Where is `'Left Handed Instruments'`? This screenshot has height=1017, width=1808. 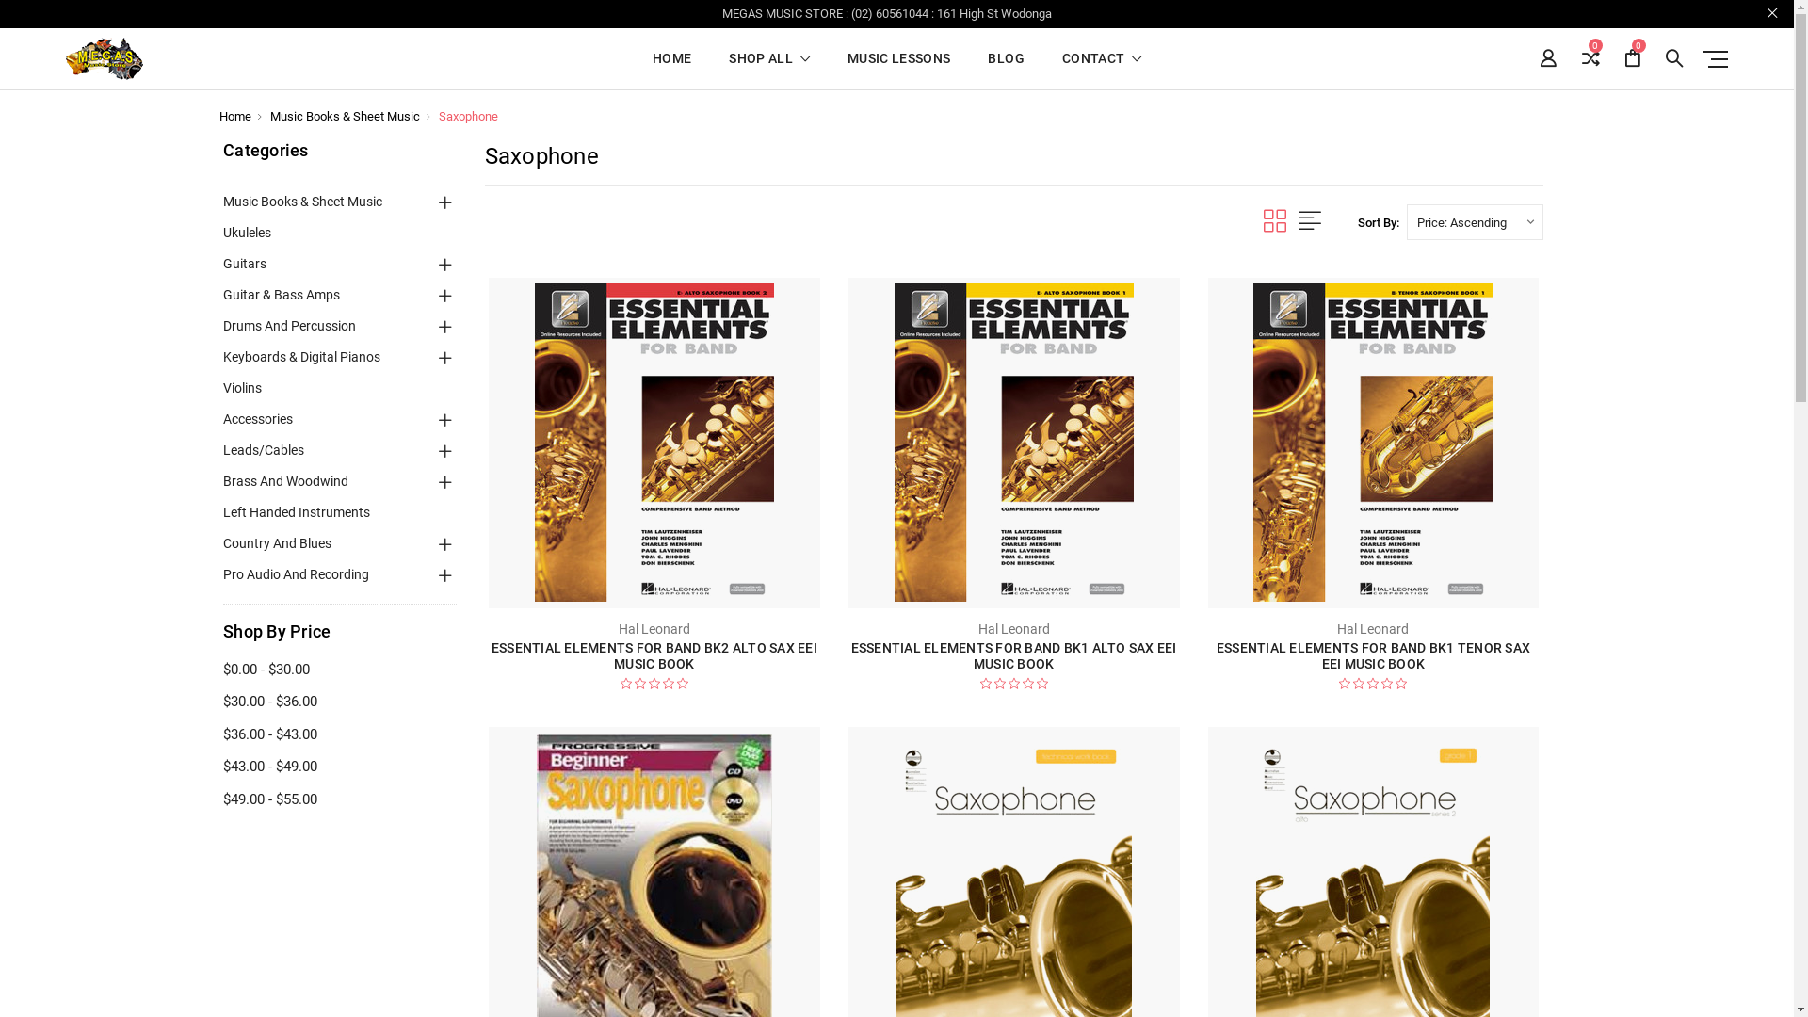 'Left Handed Instruments' is located at coordinates (222, 511).